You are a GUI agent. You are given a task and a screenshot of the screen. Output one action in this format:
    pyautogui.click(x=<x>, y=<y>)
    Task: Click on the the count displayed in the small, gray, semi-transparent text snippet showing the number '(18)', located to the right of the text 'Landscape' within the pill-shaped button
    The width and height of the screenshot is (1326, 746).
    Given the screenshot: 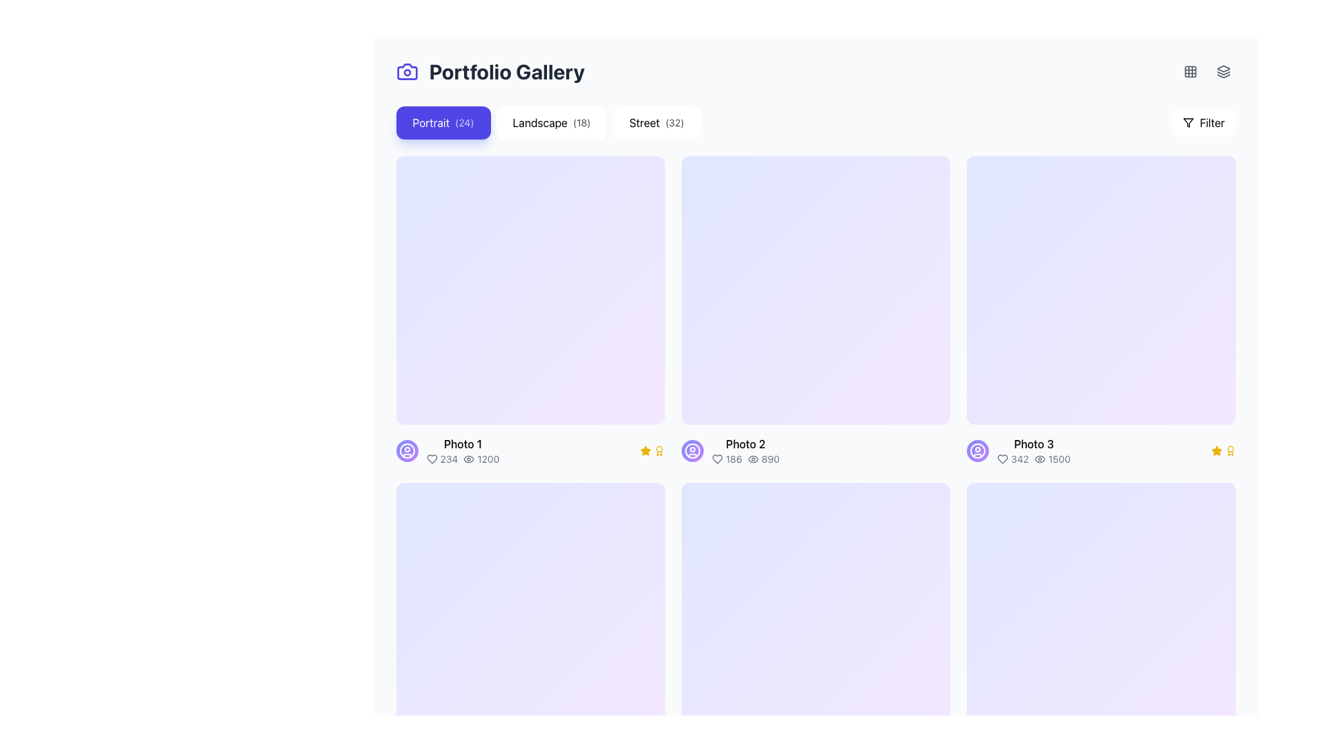 What is the action you would take?
    pyautogui.click(x=582, y=122)
    